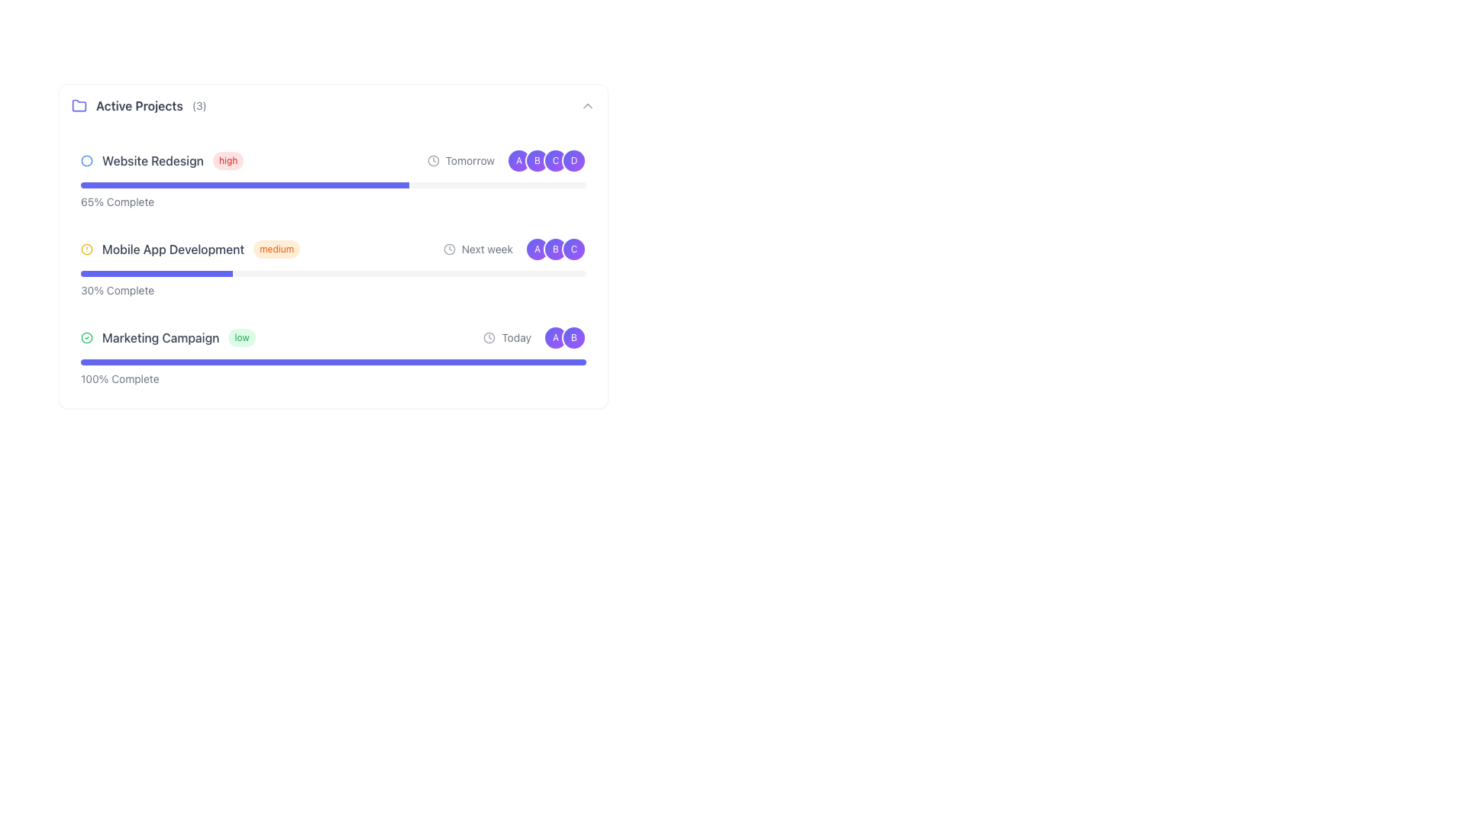 The image size is (1466, 824). I want to click on the circular avatar or icon button representing the user or task associated with the 'Mobile App Development' project, which is the second button in a set of three, located between buttons labeled 'A' and 'C', so click(555, 249).